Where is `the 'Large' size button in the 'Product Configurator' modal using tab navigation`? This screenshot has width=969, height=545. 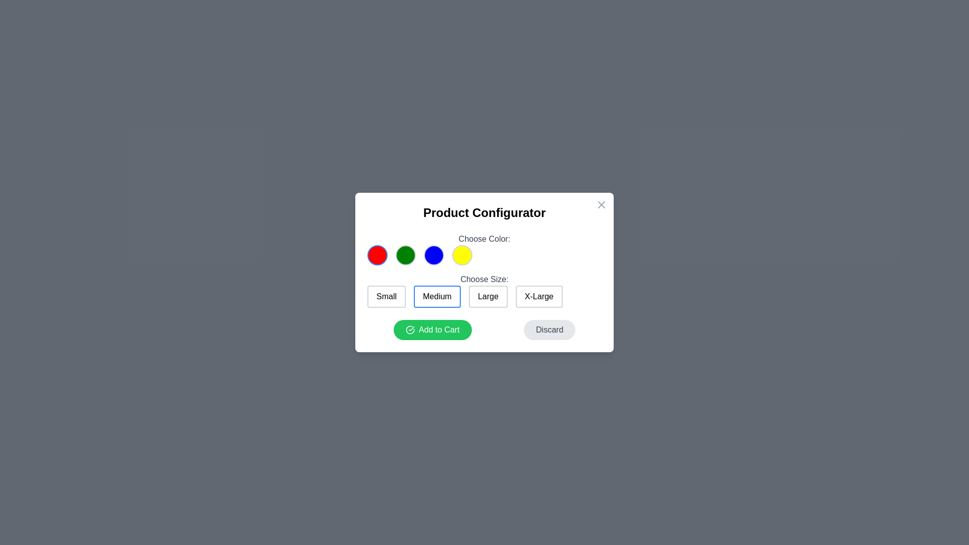 the 'Large' size button in the 'Product Configurator' modal using tab navigation is located at coordinates (484, 296).